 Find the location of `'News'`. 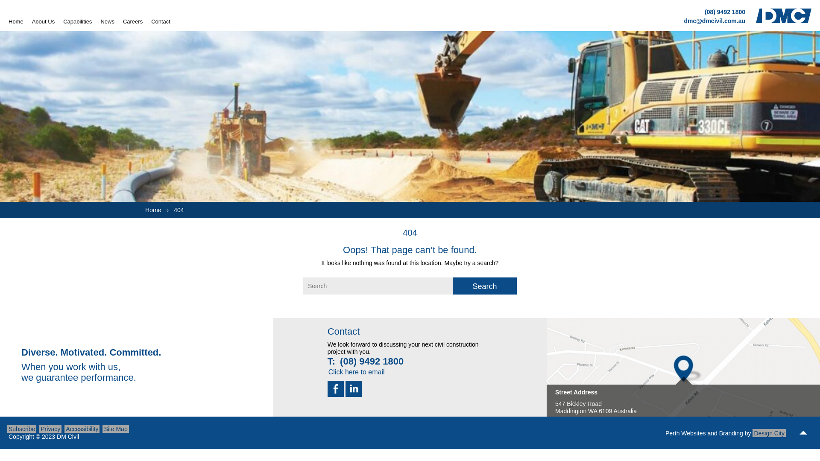

'News' is located at coordinates (107, 21).